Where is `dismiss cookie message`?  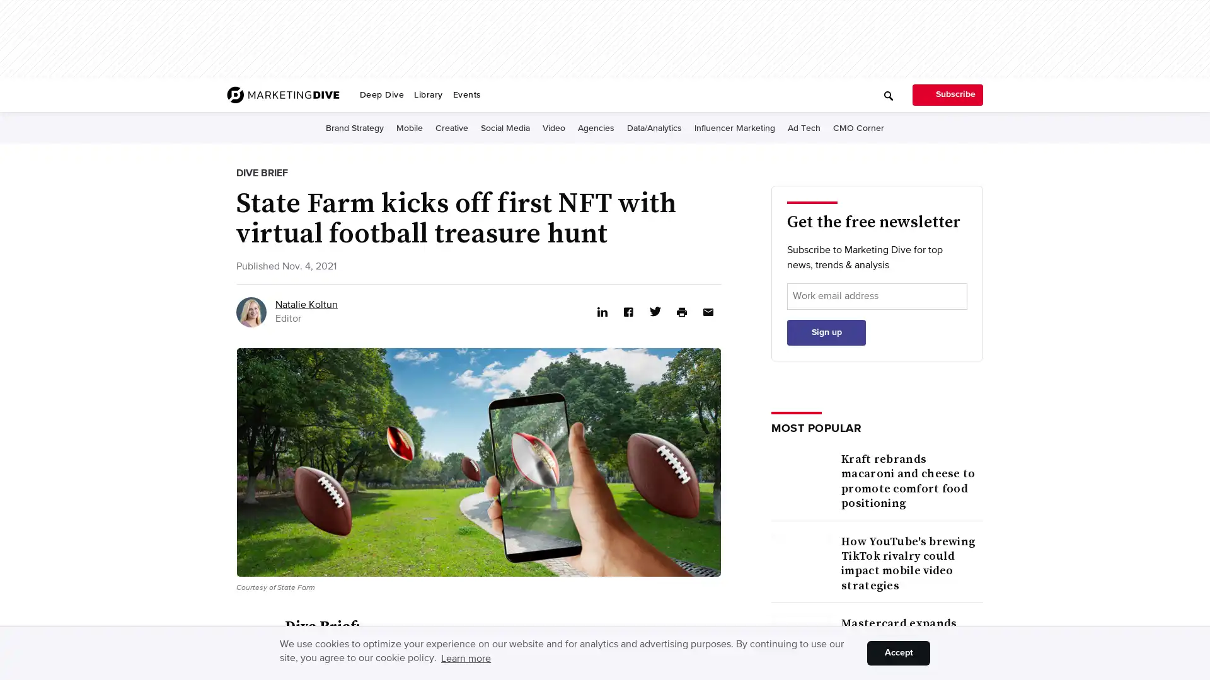 dismiss cookie message is located at coordinates (897, 652).